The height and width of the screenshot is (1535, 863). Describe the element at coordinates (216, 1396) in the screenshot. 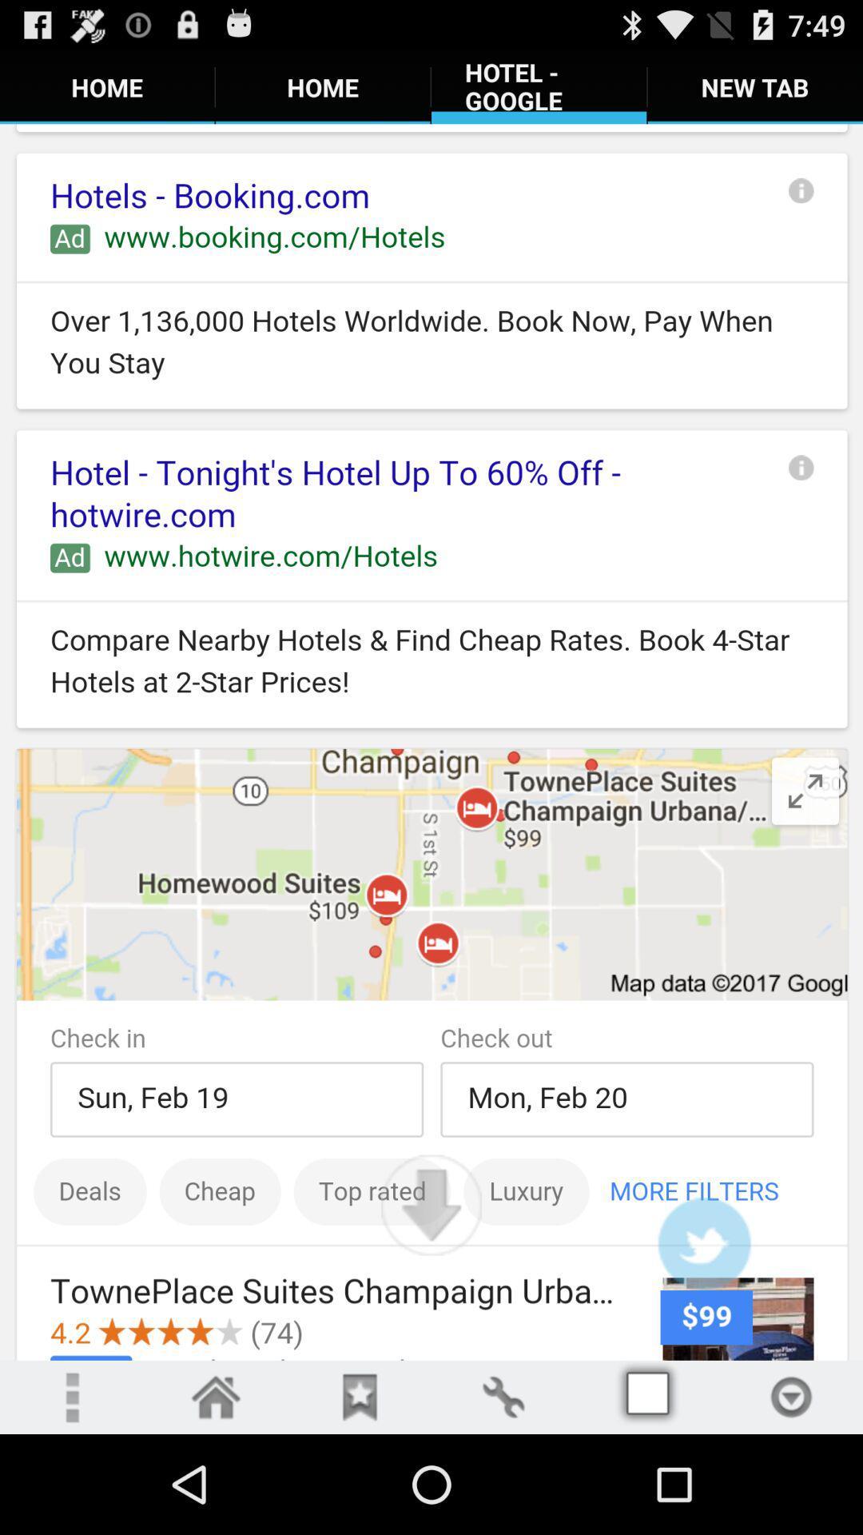

I see `home button` at that location.